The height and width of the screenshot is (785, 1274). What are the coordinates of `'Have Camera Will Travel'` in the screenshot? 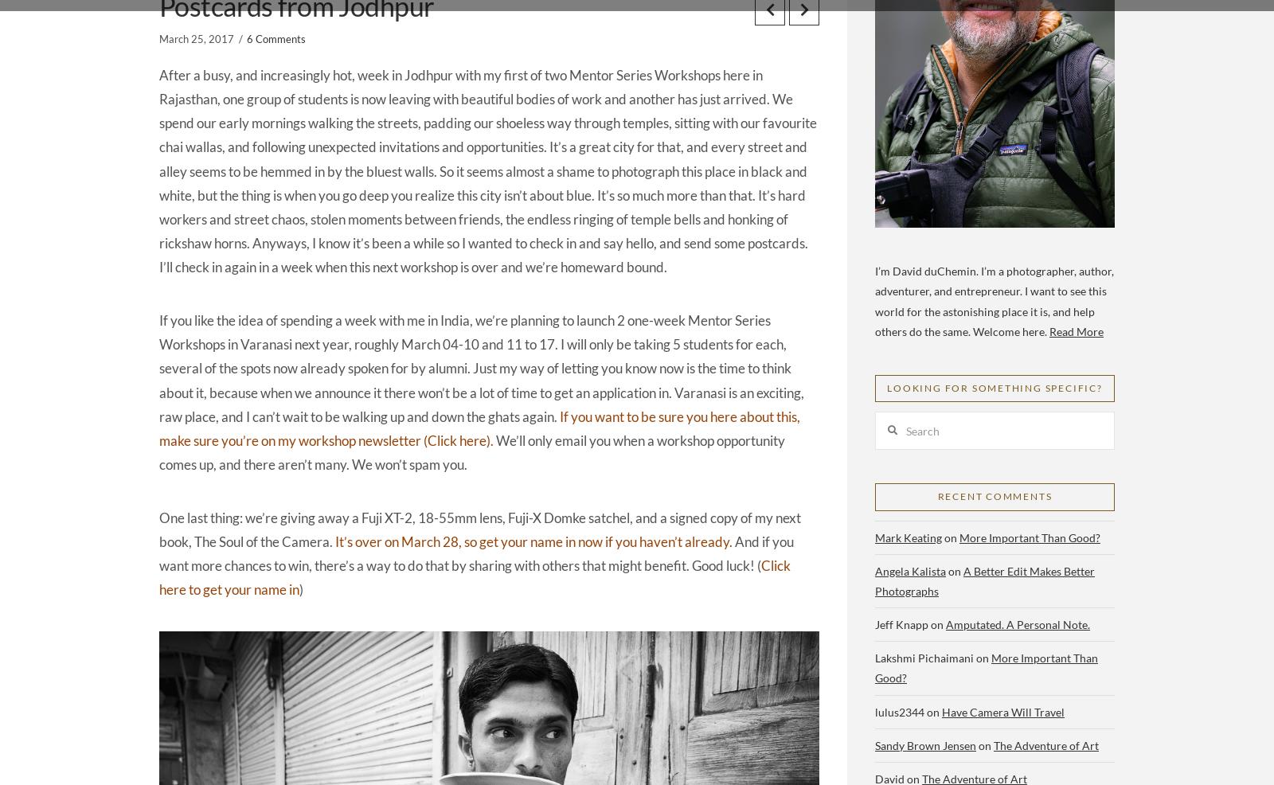 It's located at (1002, 710).